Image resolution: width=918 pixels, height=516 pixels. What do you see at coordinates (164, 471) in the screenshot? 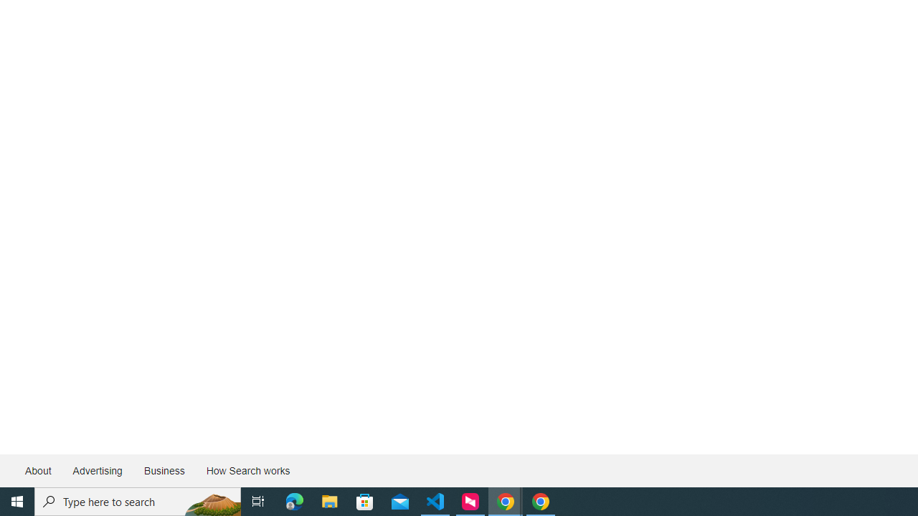
I see `'Business'` at bounding box center [164, 471].